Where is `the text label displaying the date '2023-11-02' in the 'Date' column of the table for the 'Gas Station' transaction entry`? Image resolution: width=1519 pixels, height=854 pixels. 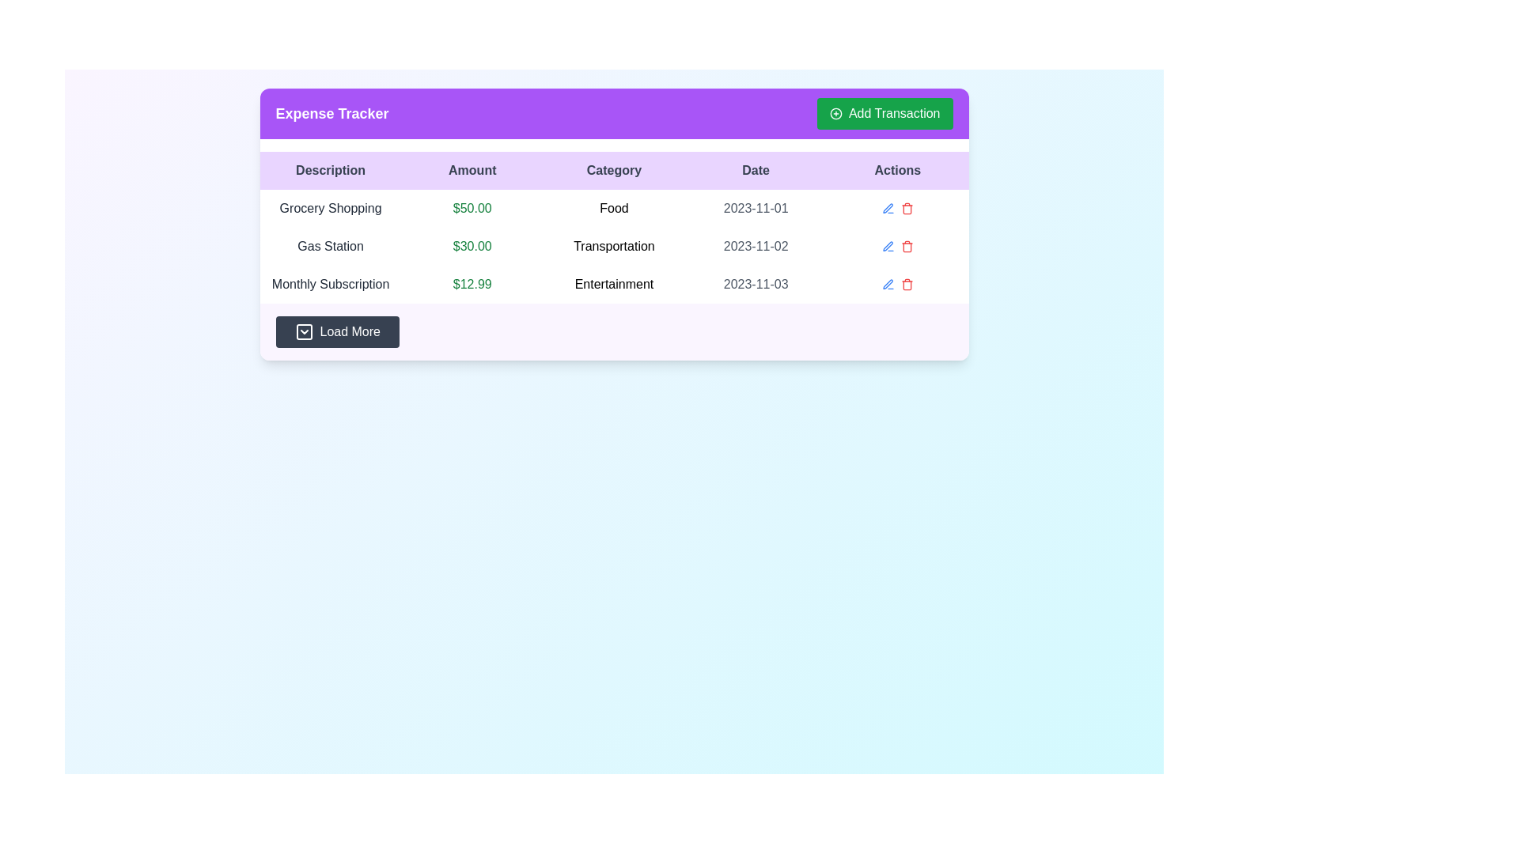 the text label displaying the date '2023-11-02' in the 'Date' column of the table for the 'Gas Station' transaction entry is located at coordinates (755, 247).